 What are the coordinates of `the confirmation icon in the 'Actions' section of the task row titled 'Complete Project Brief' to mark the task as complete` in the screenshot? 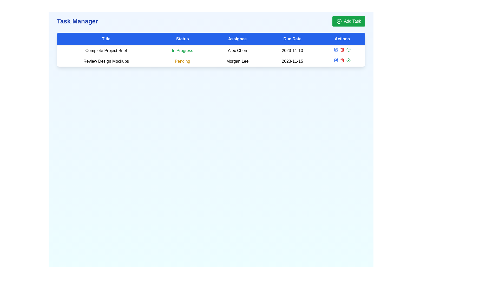 It's located at (348, 60).